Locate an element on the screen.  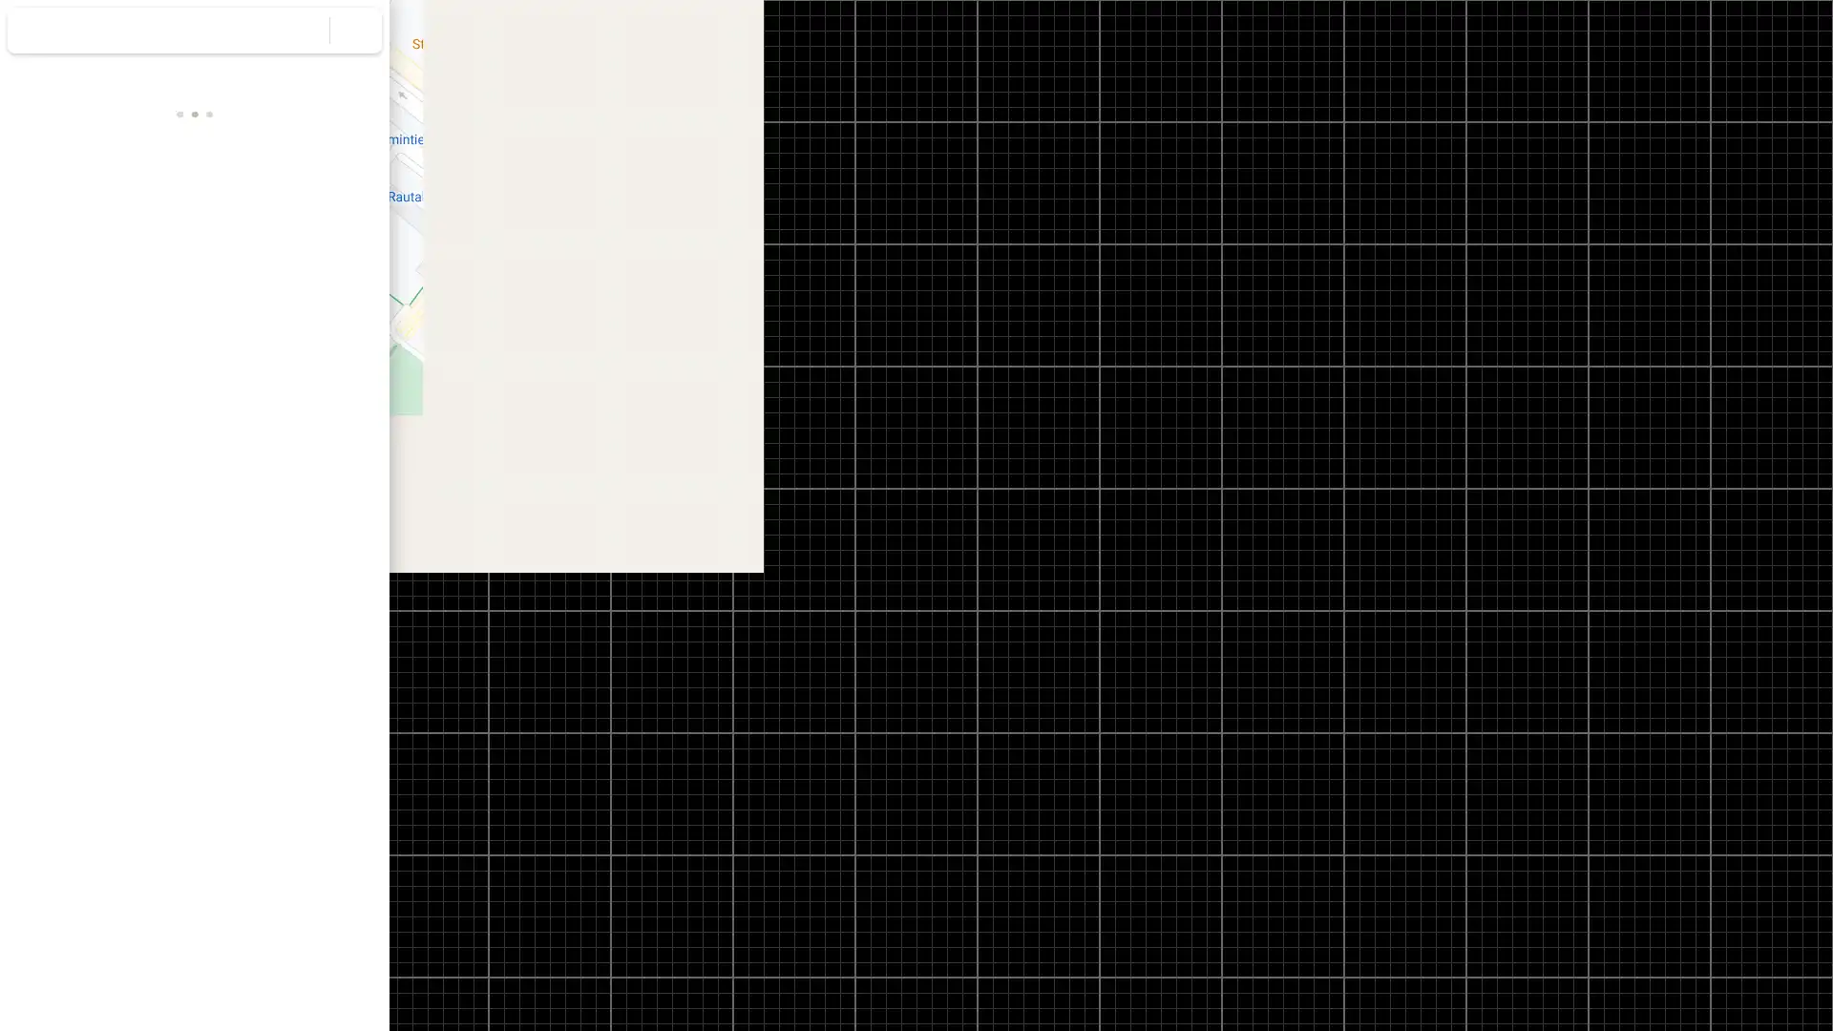
Send Elimaenkatu 27 to your phone is located at coordinates (263, 334).